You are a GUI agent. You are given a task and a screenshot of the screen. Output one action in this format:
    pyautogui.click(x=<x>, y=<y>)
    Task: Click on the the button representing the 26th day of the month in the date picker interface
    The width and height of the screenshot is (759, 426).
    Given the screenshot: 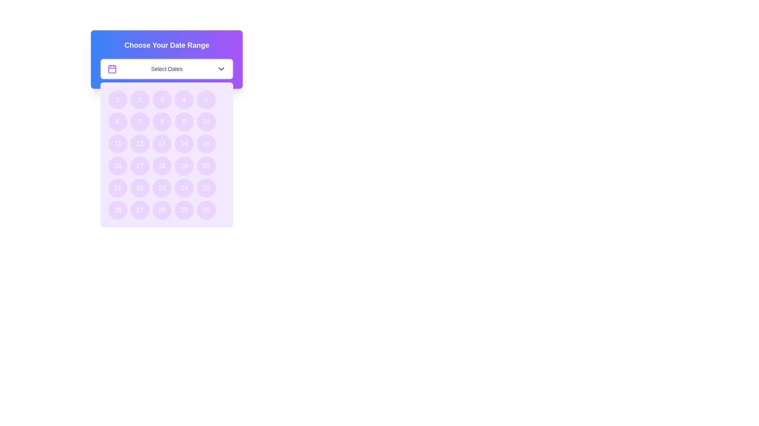 What is the action you would take?
    pyautogui.click(x=117, y=209)
    